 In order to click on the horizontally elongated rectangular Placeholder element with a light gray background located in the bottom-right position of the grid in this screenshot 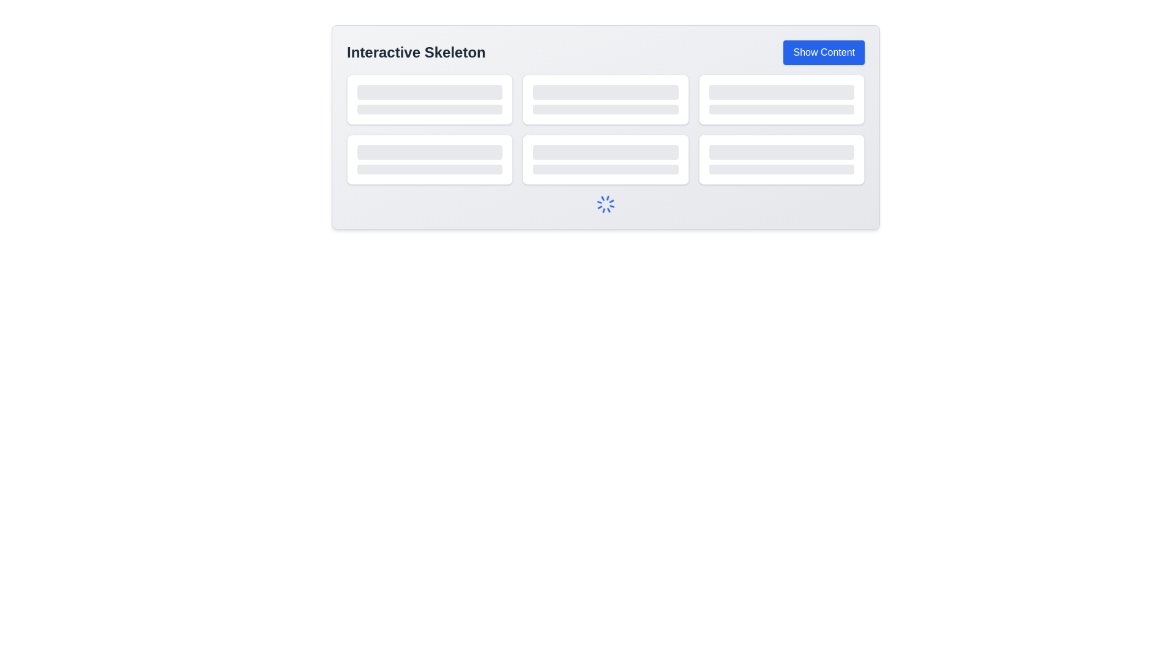, I will do `click(781, 159)`.